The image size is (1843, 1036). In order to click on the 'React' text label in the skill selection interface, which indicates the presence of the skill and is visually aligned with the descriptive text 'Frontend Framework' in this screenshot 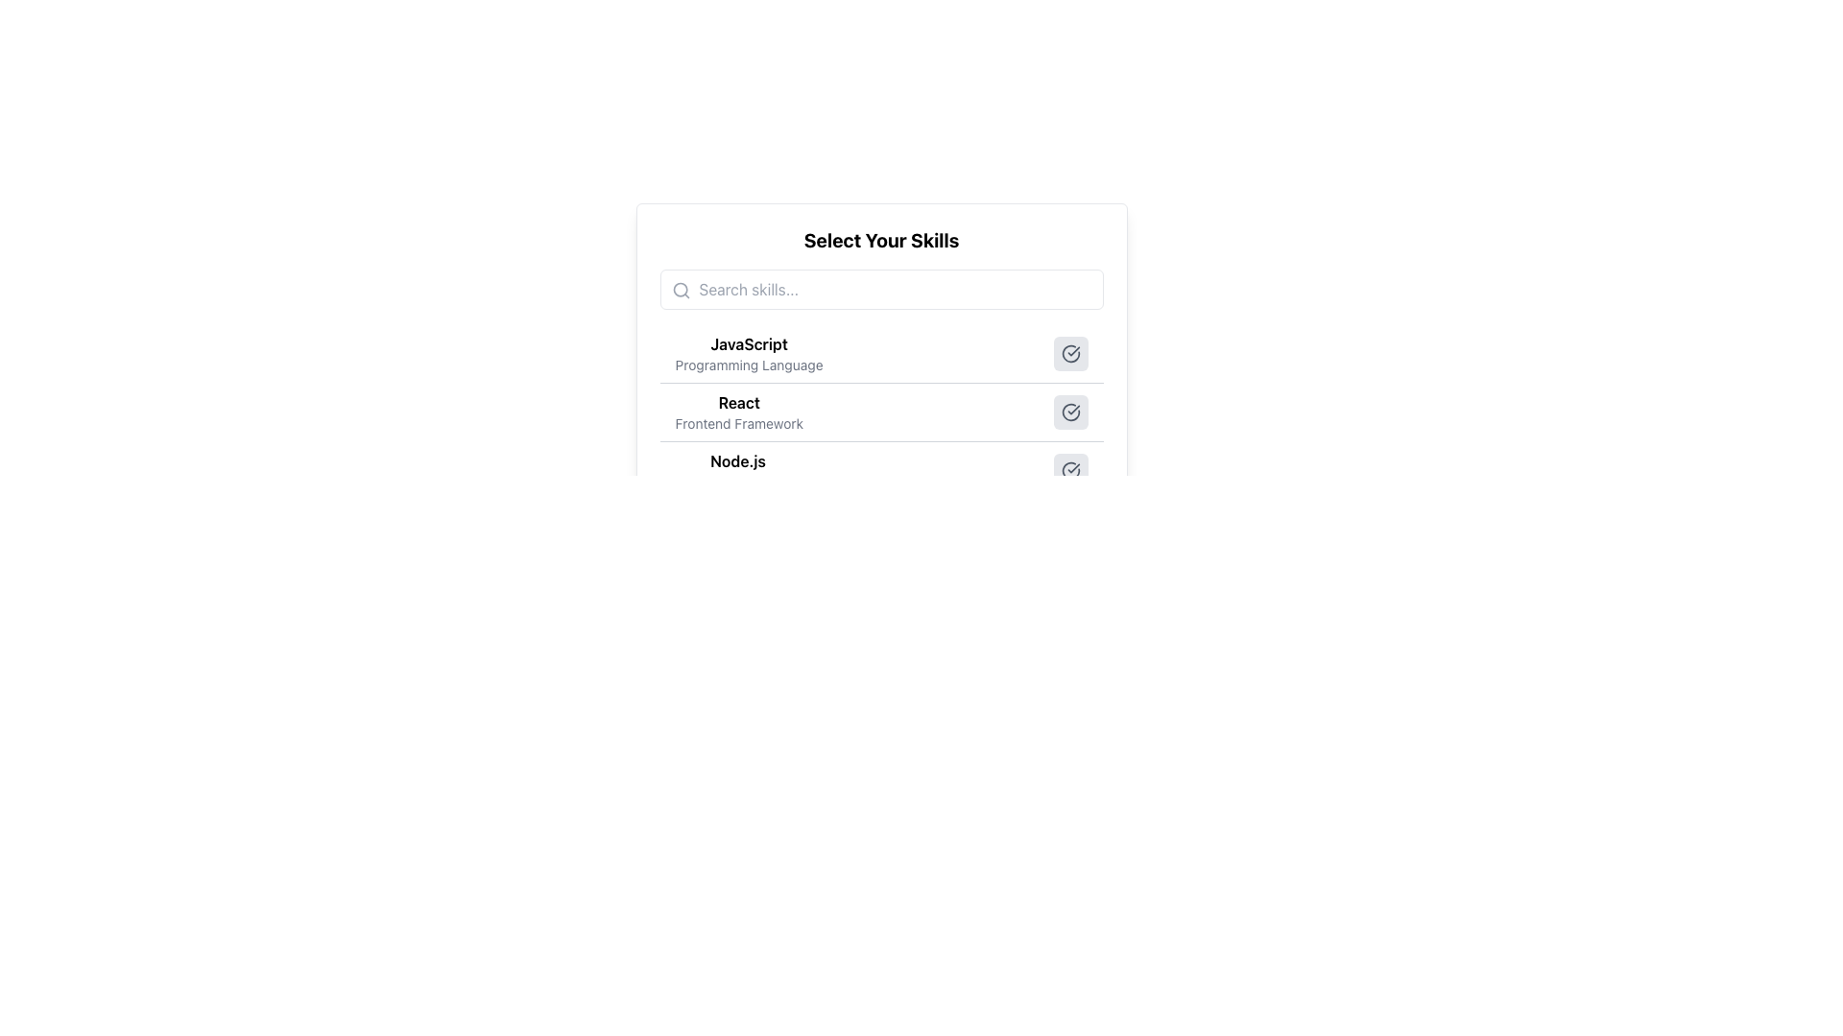, I will do `click(738, 402)`.